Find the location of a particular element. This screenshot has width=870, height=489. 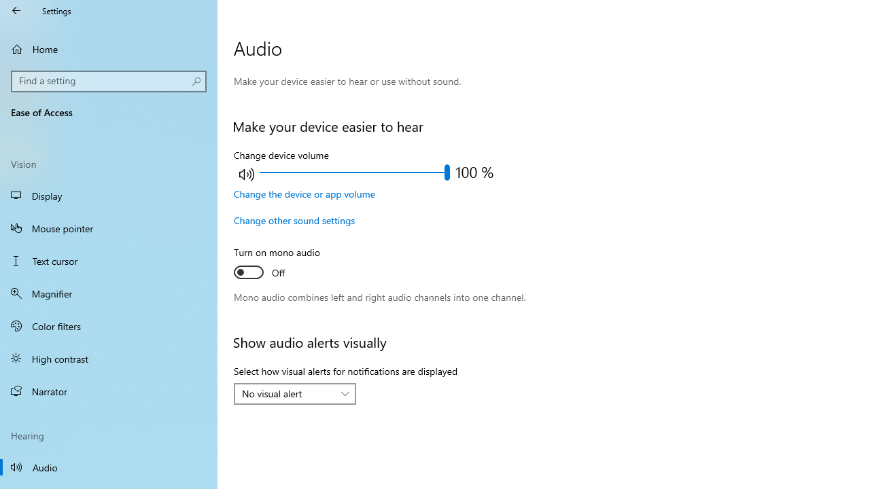

'Select how visual alerts for notifications are displayed' is located at coordinates (294, 393).